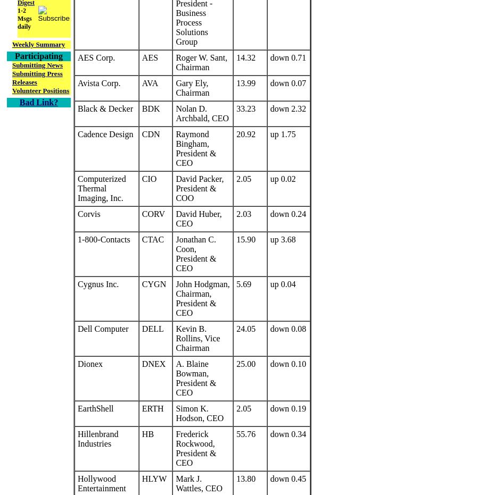 This screenshot has width=503, height=495. What do you see at coordinates (197, 218) in the screenshot?
I see `'David Huber, CEO'` at bounding box center [197, 218].